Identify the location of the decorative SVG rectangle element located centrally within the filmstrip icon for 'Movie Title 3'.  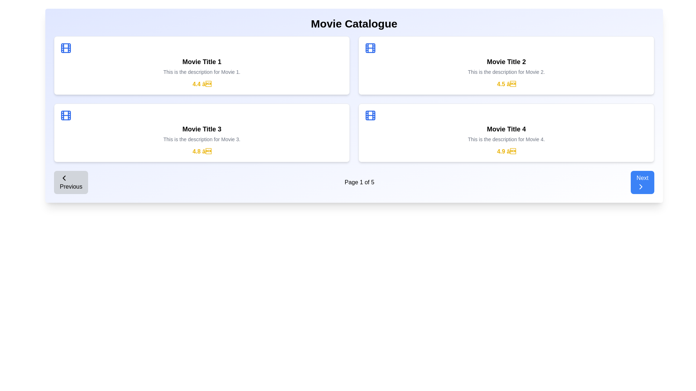
(66, 115).